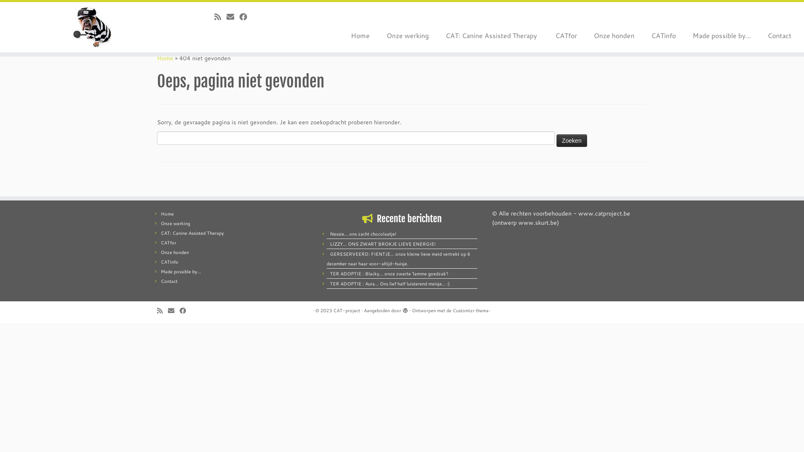 The width and height of the screenshot is (804, 452). Describe the element at coordinates (220, 16) in the screenshot. I see `'Abonneer op mijn RSS feed'` at that location.